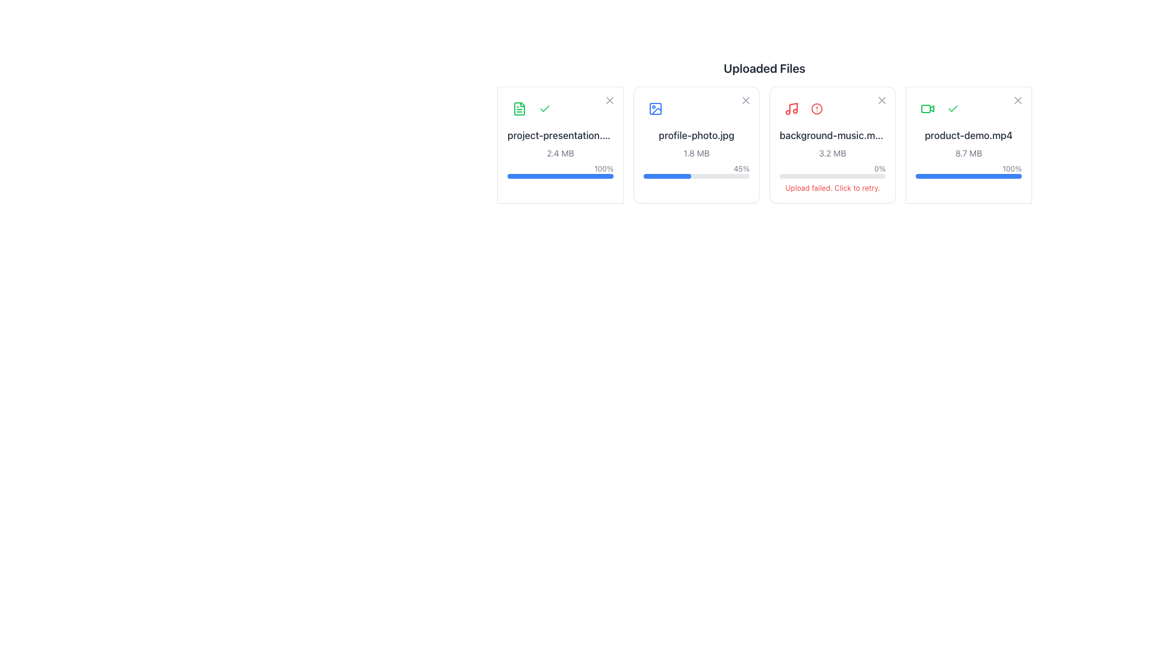 Image resolution: width=1156 pixels, height=650 pixels. What do you see at coordinates (520, 109) in the screenshot?
I see `the document icon representing the uploaded file within the 'project-presentation' file upload card, located in the upper-left corner, to the left of the green checkmark icon` at bounding box center [520, 109].